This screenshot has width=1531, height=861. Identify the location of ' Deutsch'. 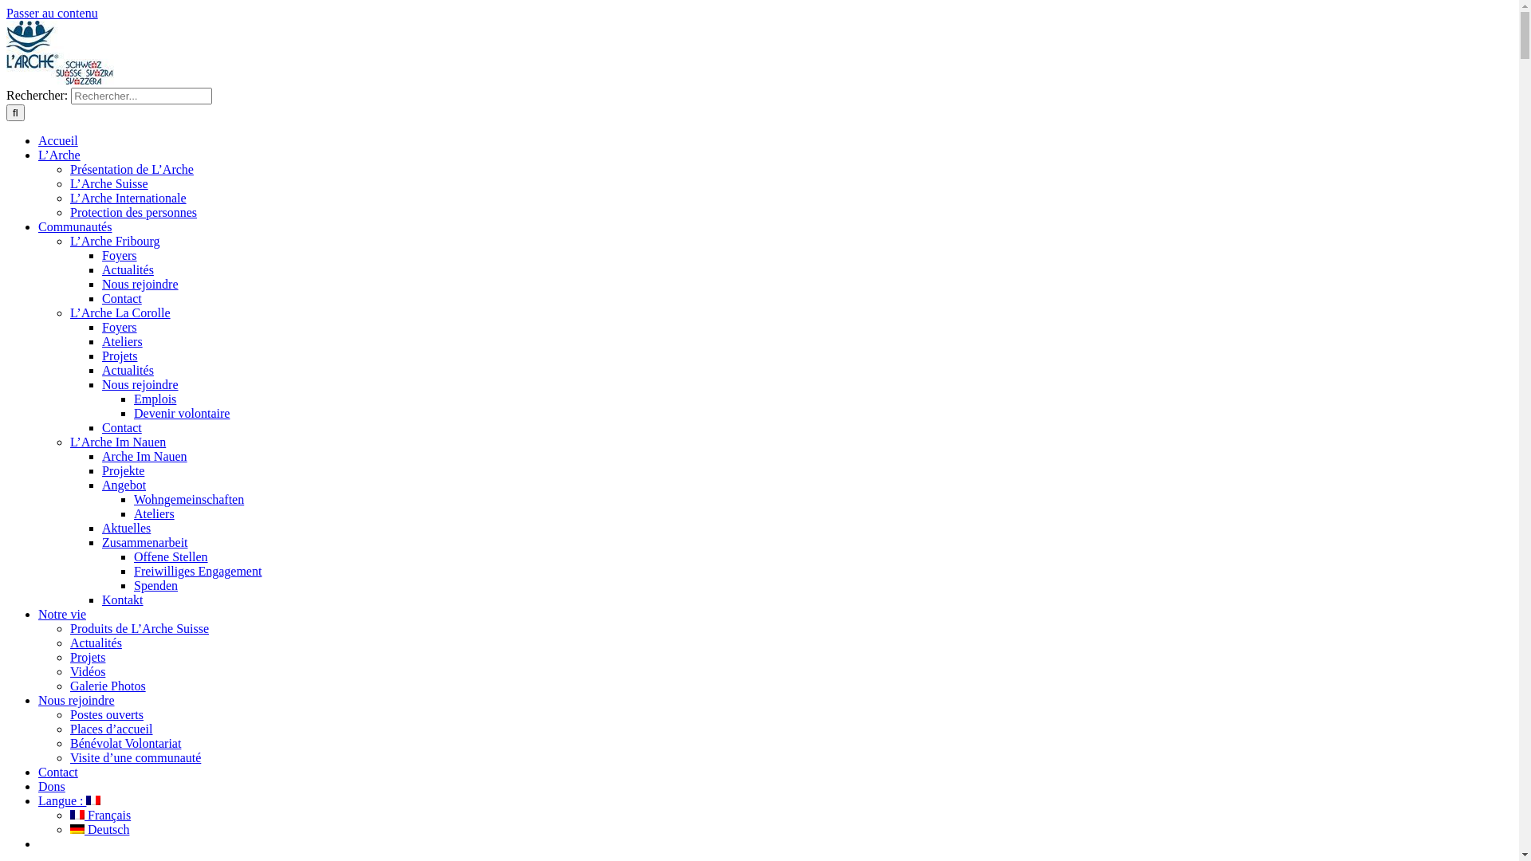
(98, 828).